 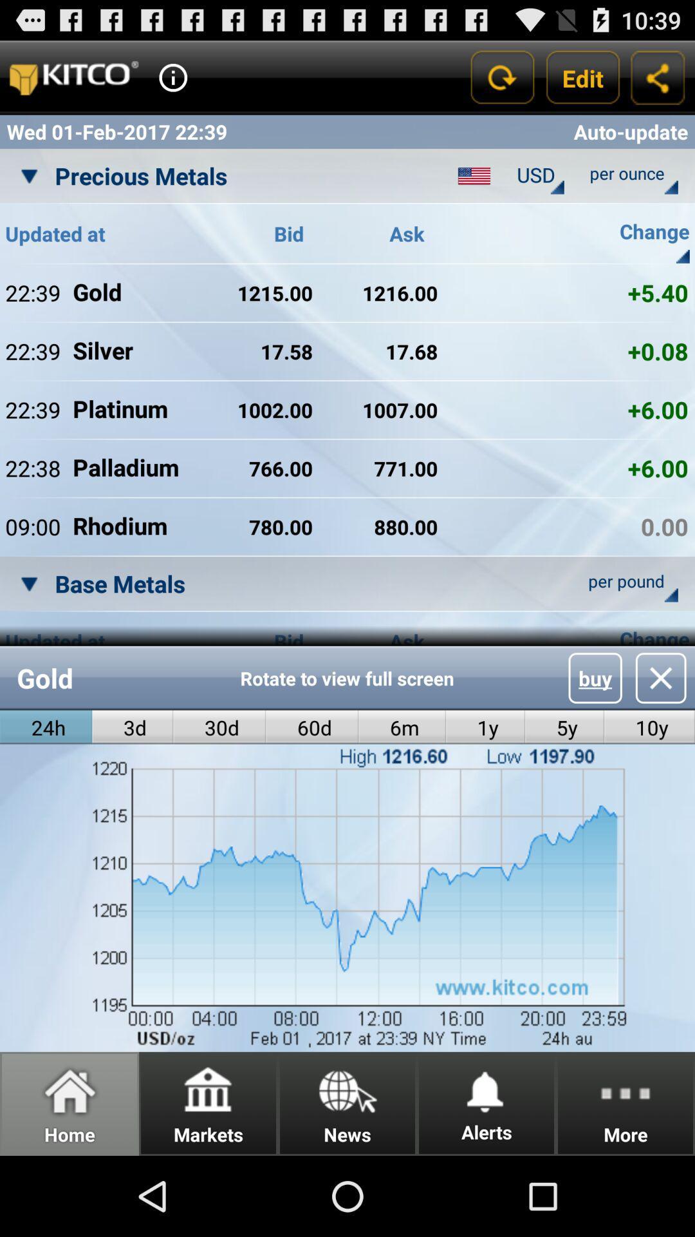 I want to click on more information, so click(x=172, y=77).